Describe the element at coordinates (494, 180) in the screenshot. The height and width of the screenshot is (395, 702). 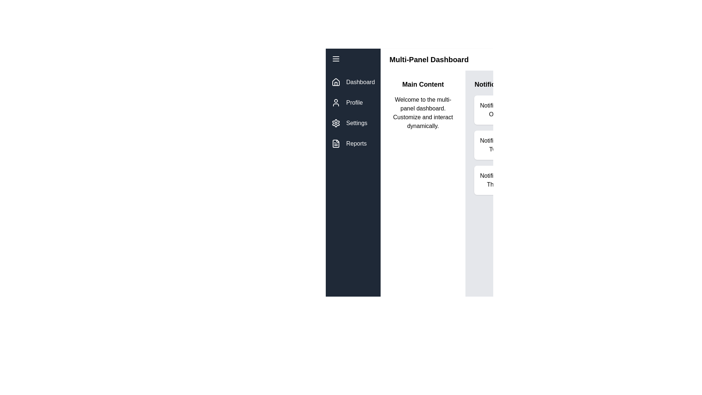
I see `the white rectangular informational card labeled 'Notification Three', which is the third item in the vertically stacked list of notifications` at that location.